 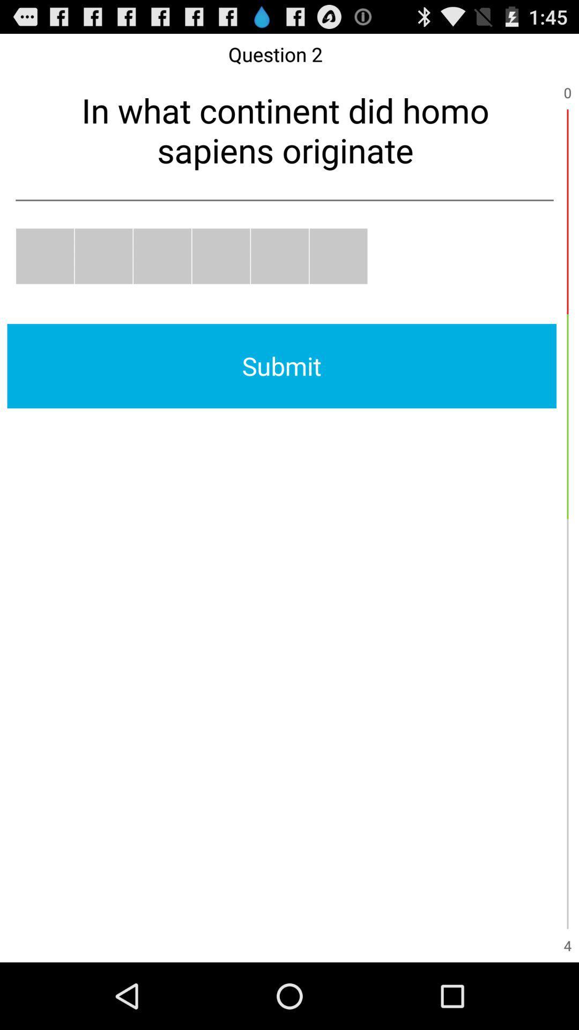 What do you see at coordinates (281, 366) in the screenshot?
I see `the icon at the center` at bounding box center [281, 366].